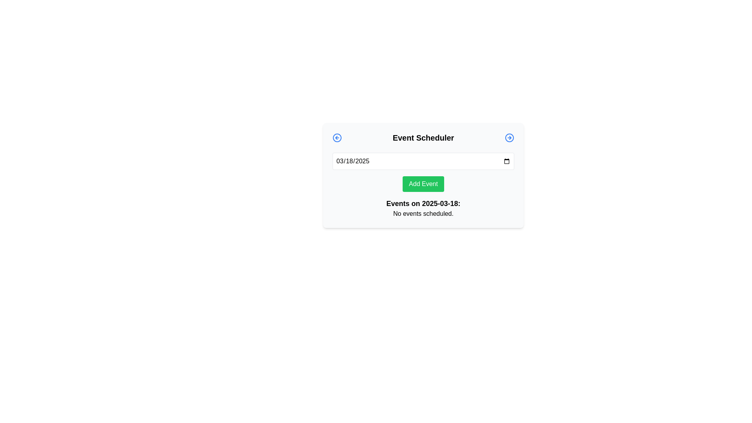 The height and width of the screenshot is (423, 752). I want to click on the 'Event Scheduler' text label, which is styled in bold and larger size, located at the top center of the interface, so click(423, 137).